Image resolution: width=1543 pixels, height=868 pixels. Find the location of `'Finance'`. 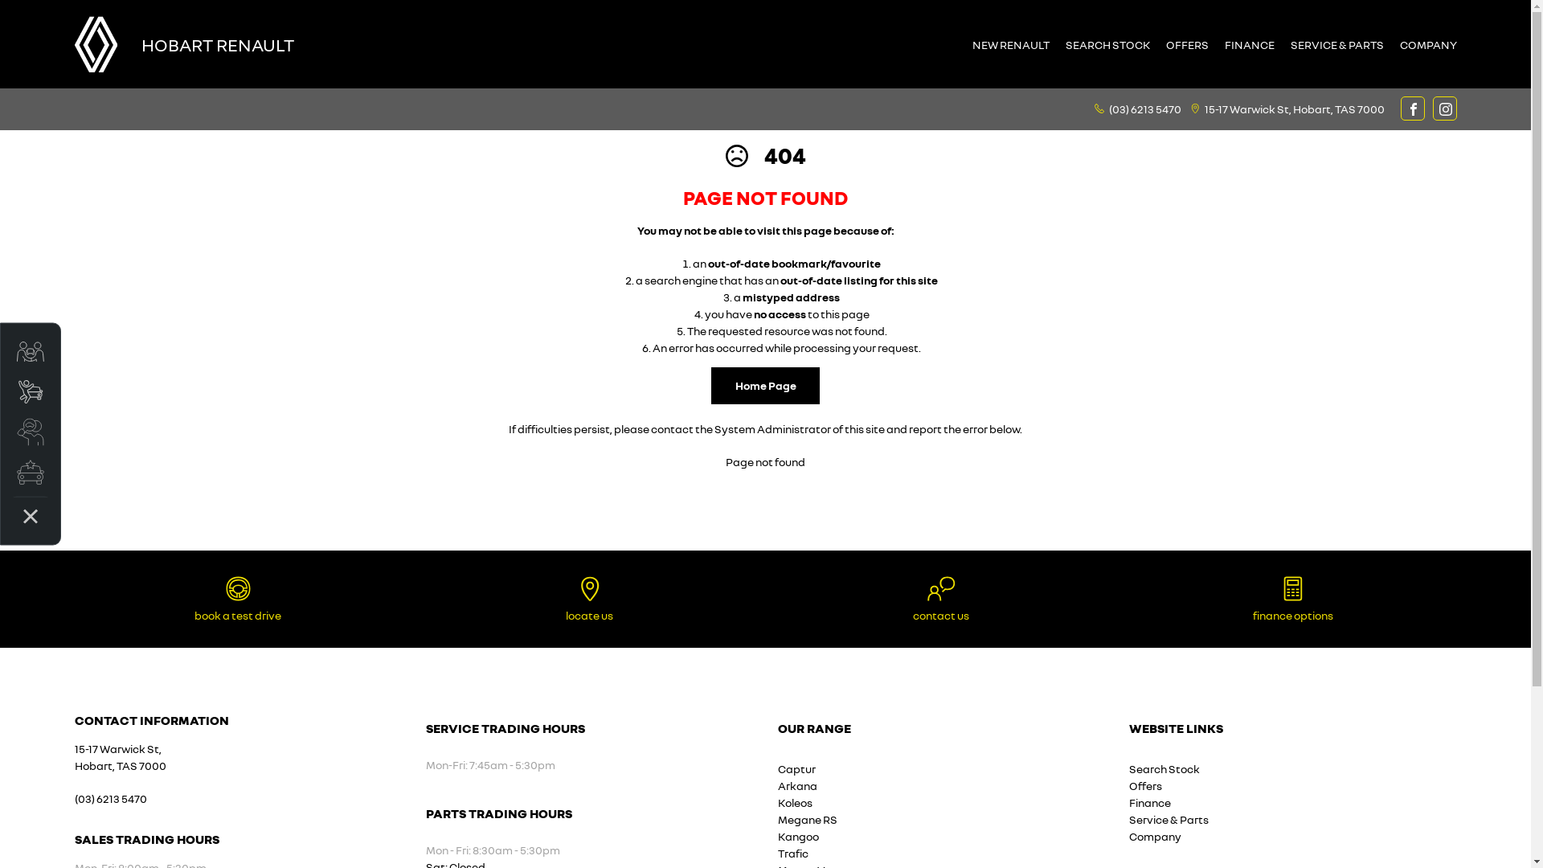

'Finance' is located at coordinates (1148, 802).